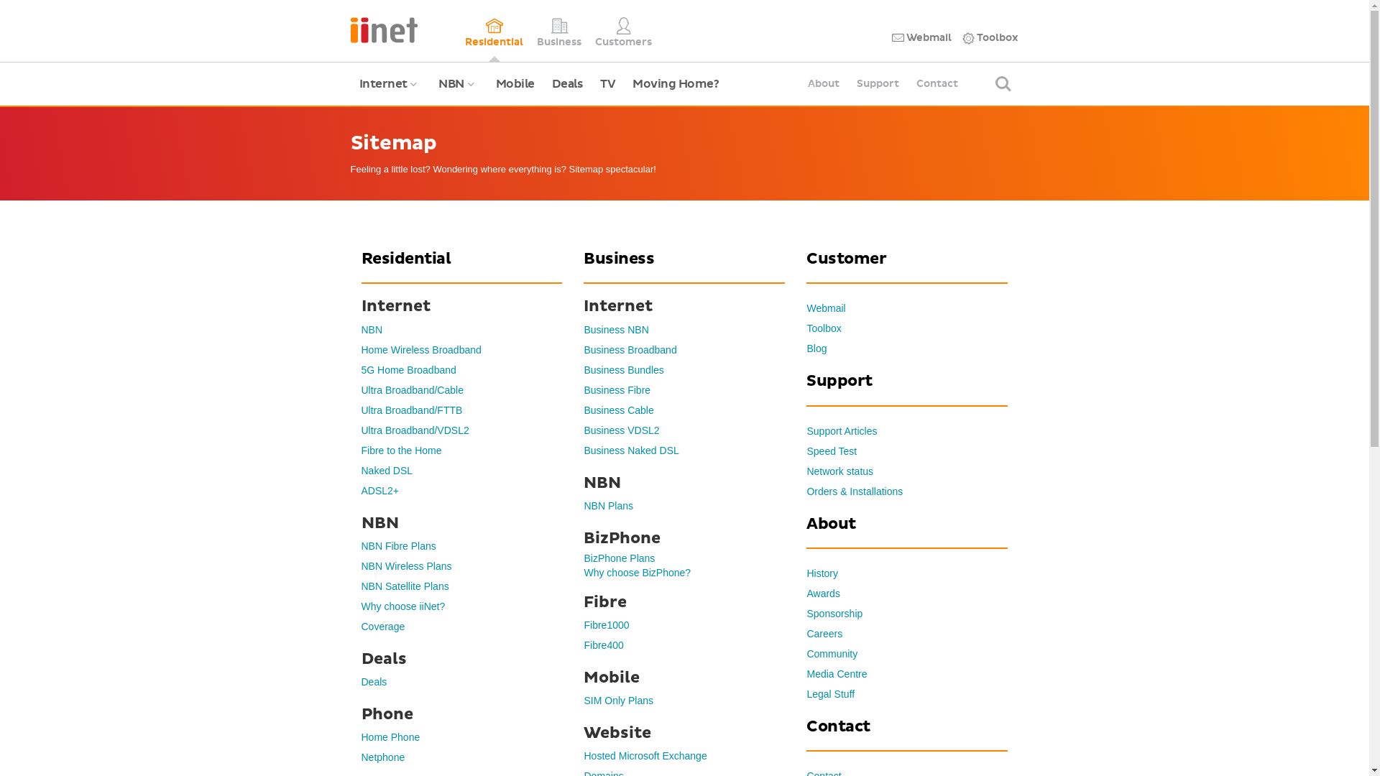 The image size is (1380, 776). I want to click on 'iiNet logo', so click(384, 29).